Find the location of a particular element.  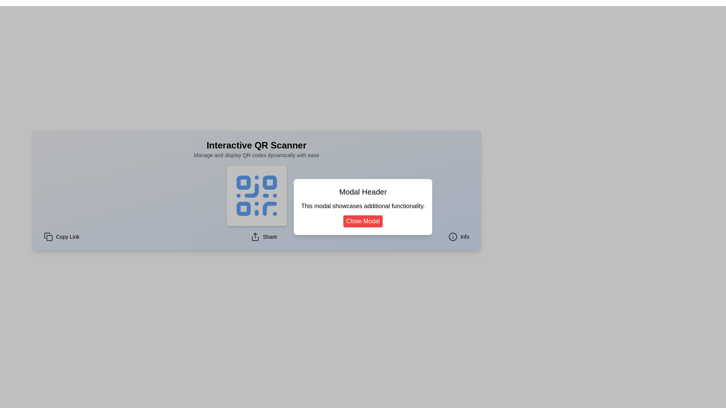

the 'Info' text label located at the bottom right of the interface, adjacent to the 'i' icon is located at coordinates (464, 236).